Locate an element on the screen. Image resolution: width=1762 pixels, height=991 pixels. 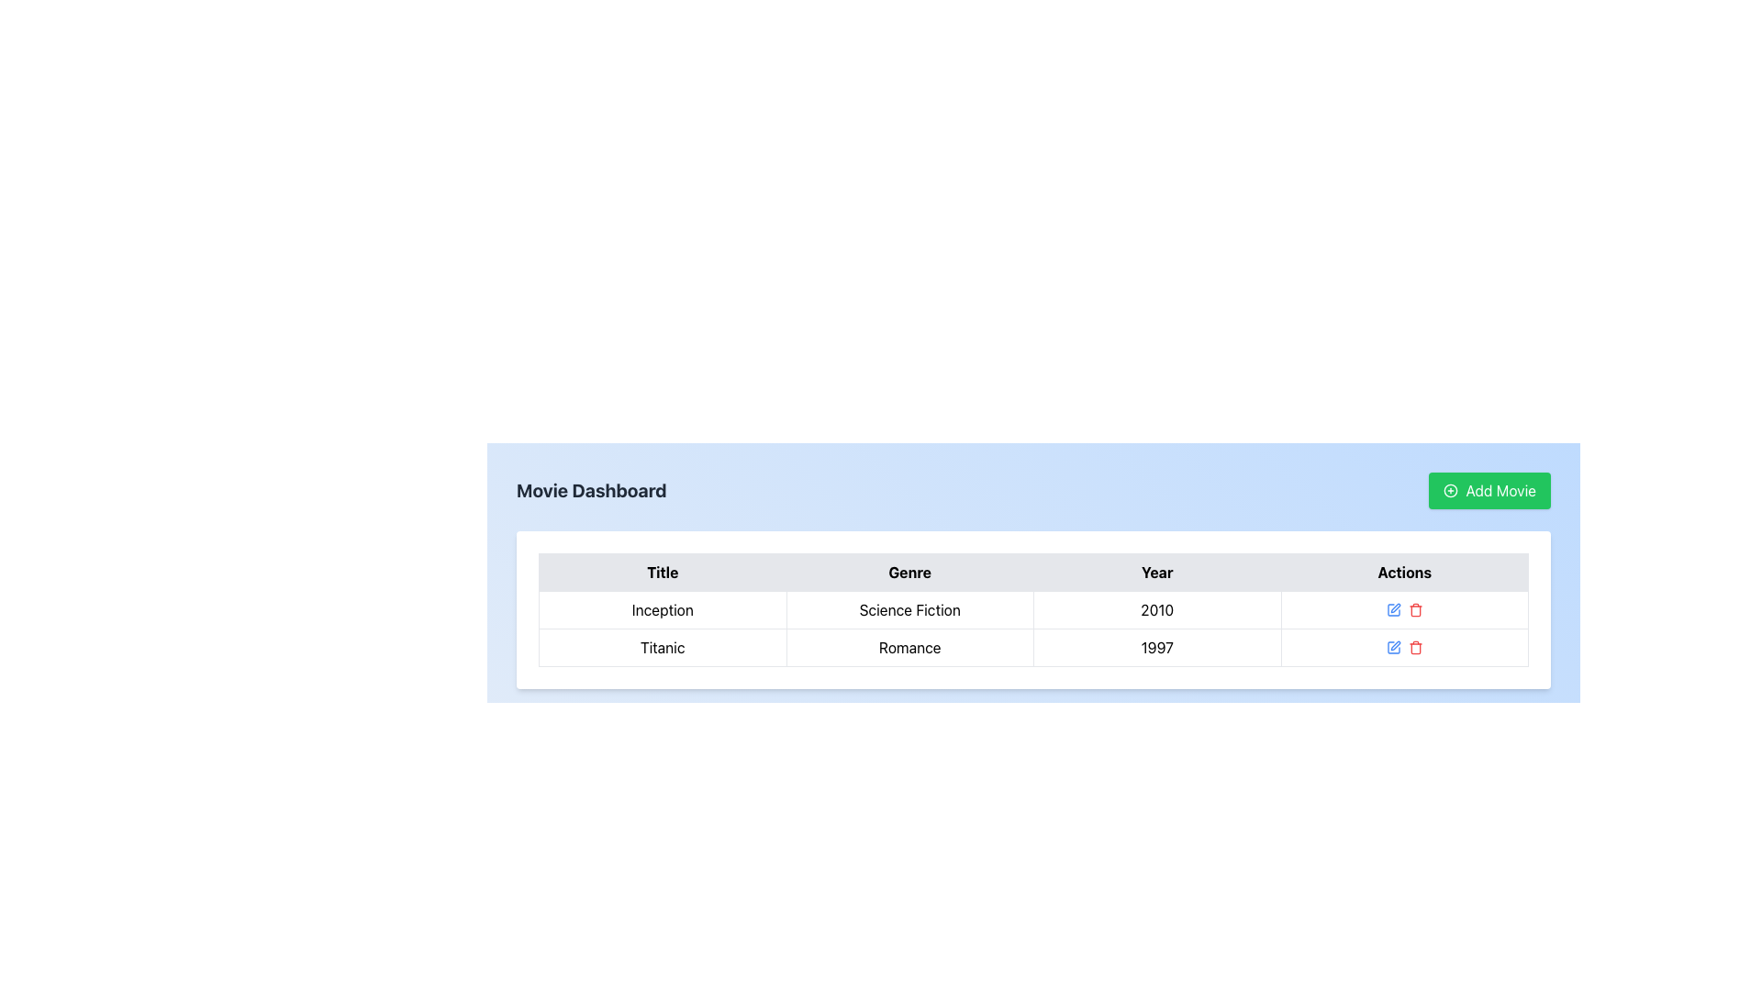
the table cell containing the text 'Titanic' in bold located in the second row under the 'Title' column is located at coordinates (661, 646).